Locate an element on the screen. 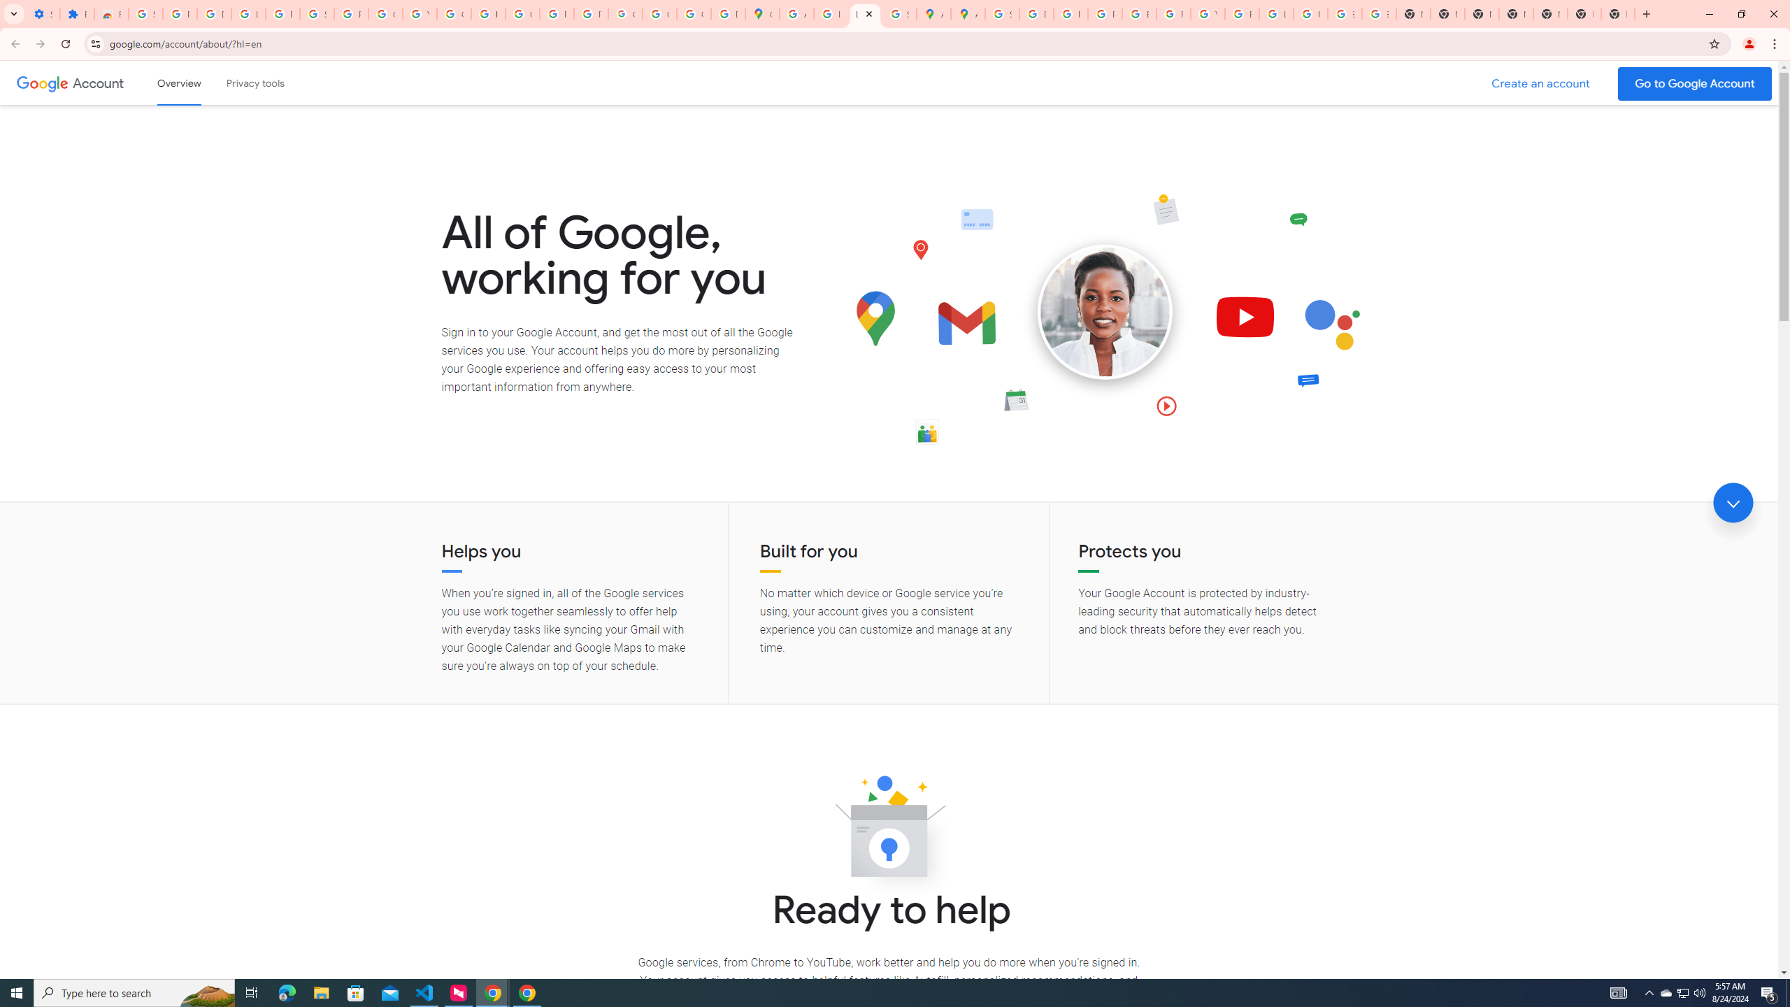 The width and height of the screenshot is (1790, 1007). 'Jump link' is located at coordinates (1733, 503).